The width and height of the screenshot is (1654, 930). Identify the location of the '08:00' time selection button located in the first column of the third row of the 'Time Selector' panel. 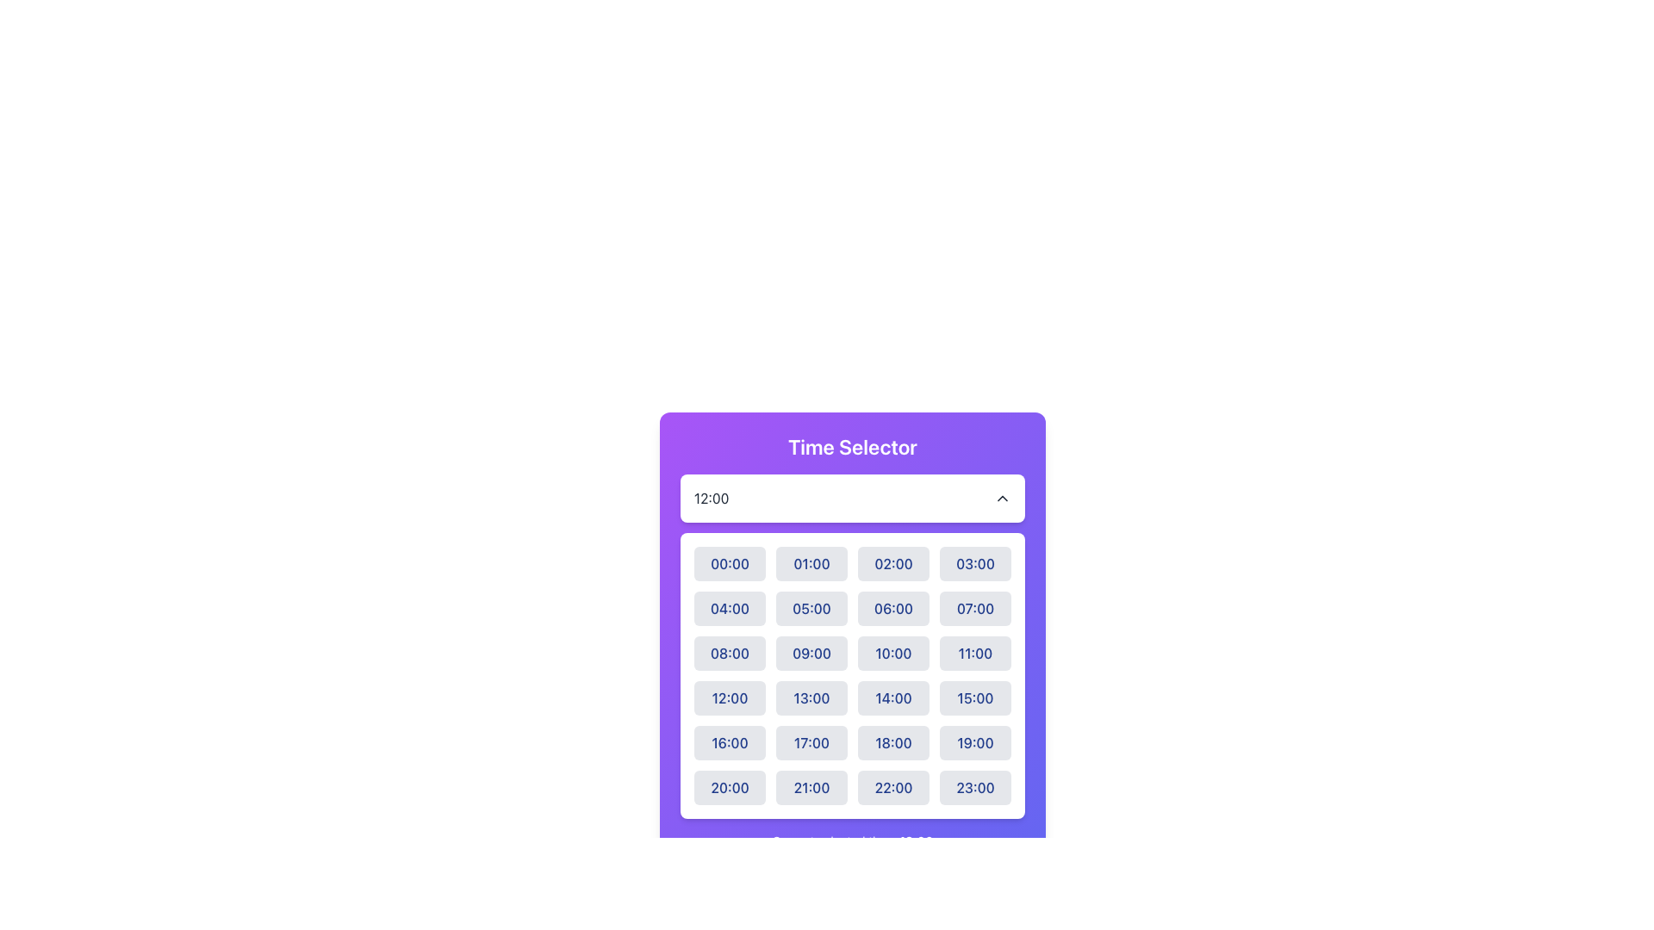
(730, 654).